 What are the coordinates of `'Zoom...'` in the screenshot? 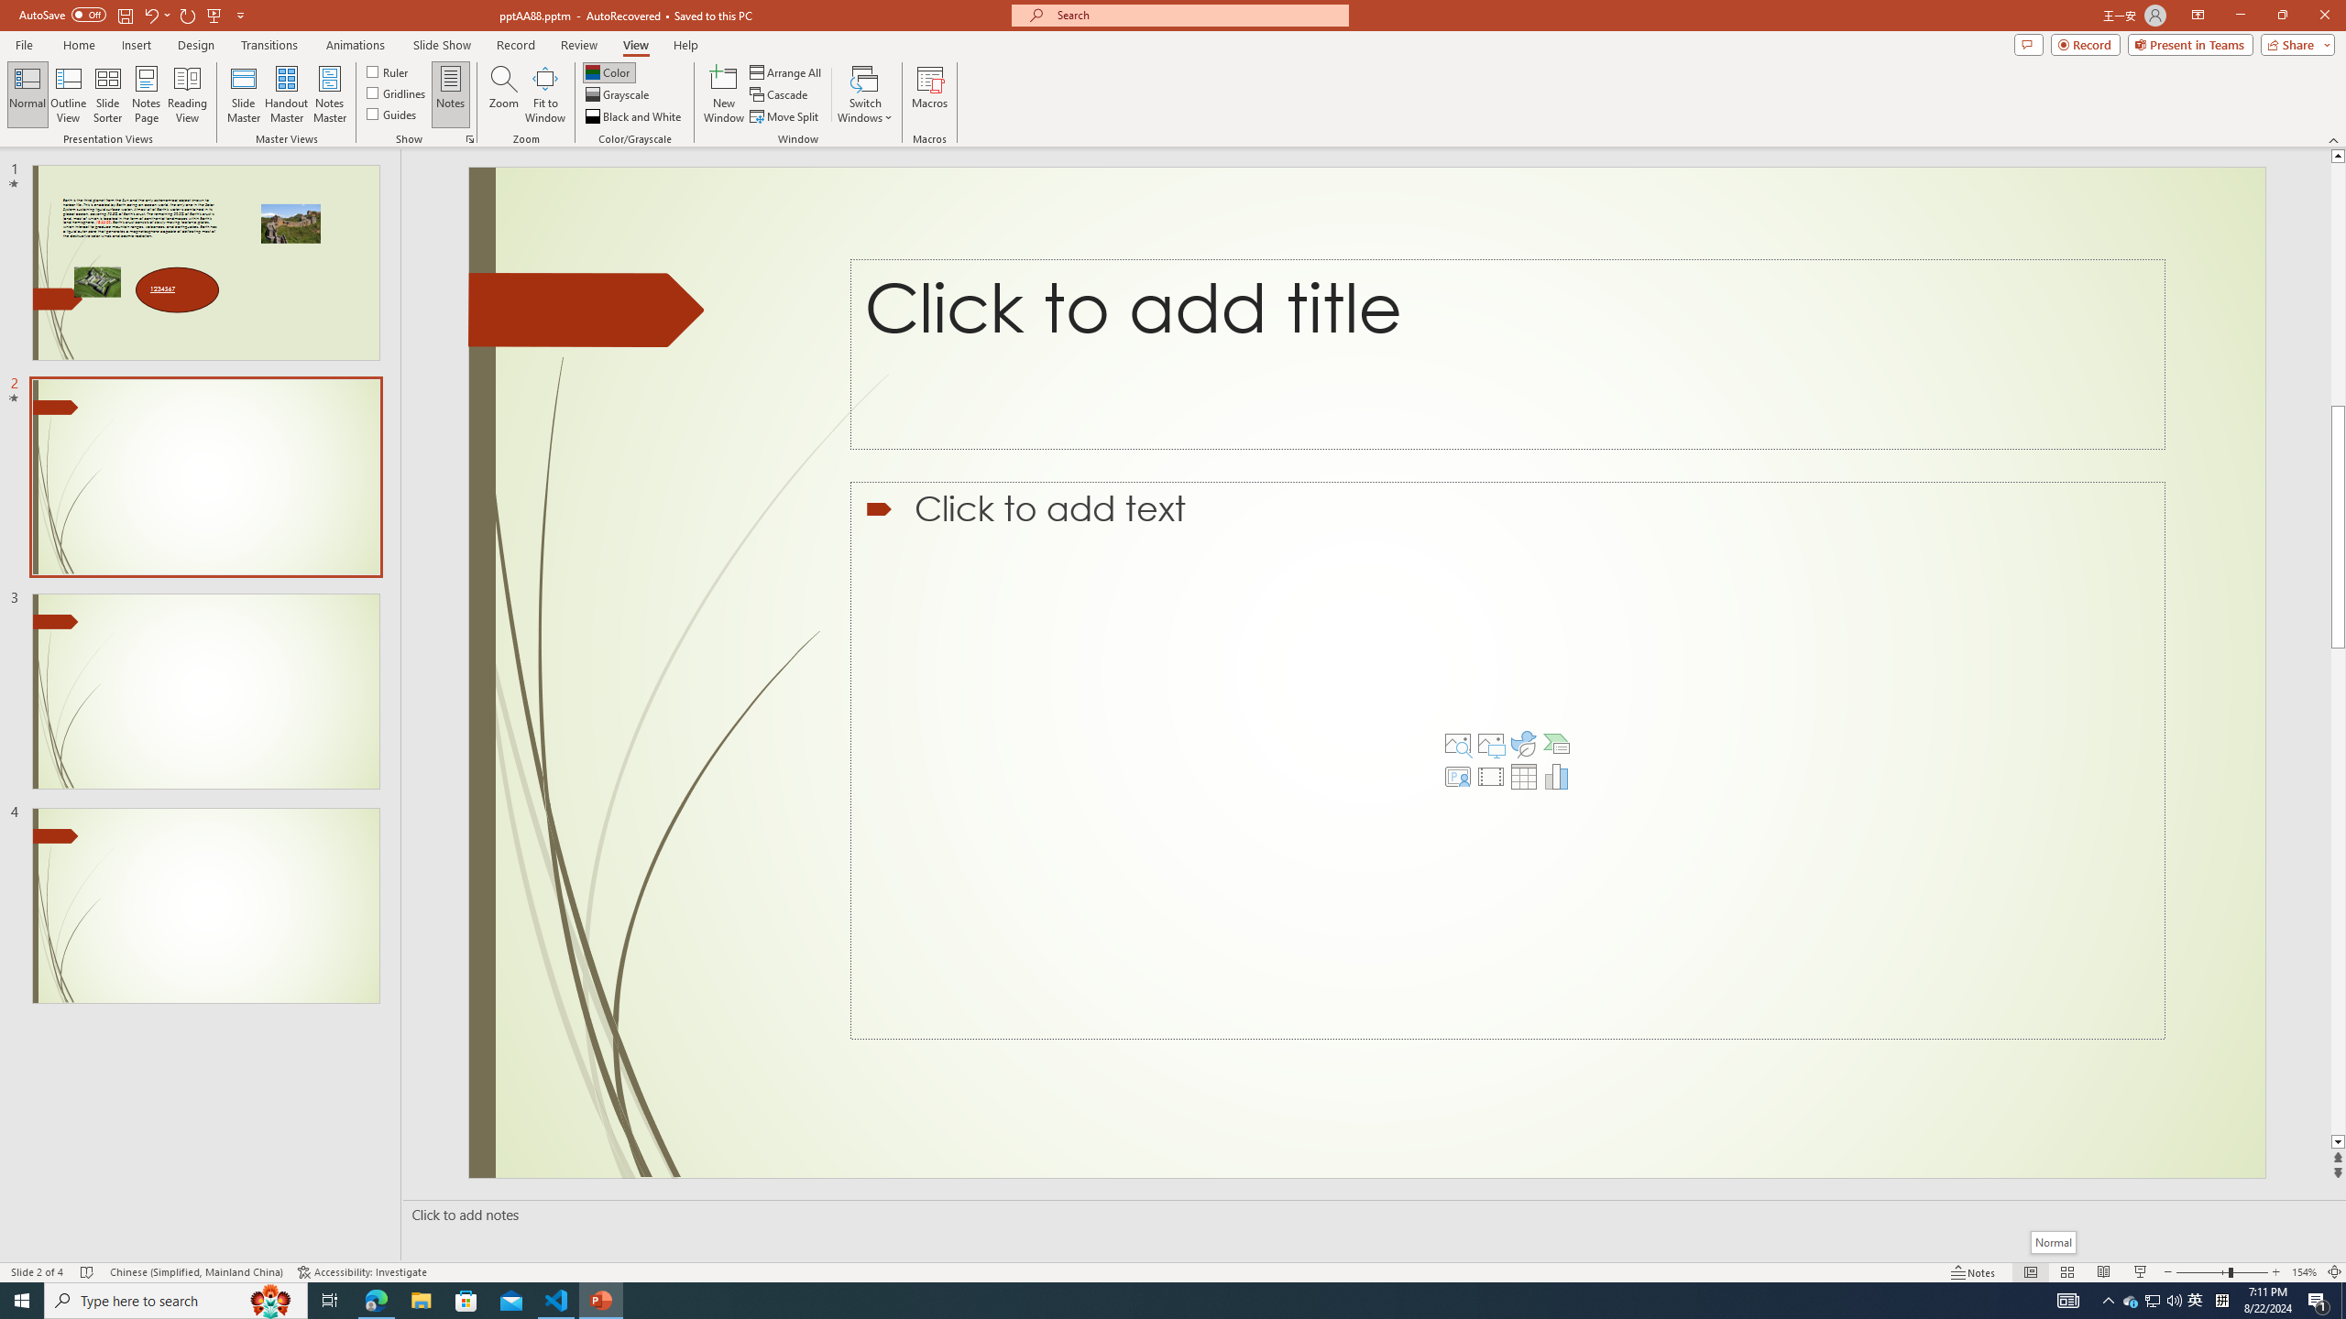 It's located at (504, 94).